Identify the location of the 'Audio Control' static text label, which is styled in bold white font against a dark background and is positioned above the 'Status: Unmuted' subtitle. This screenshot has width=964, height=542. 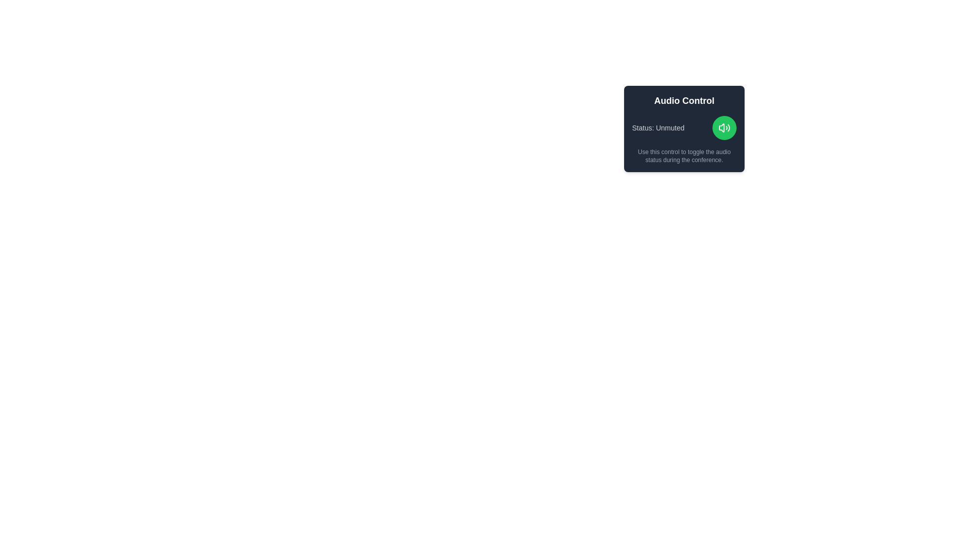
(684, 100).